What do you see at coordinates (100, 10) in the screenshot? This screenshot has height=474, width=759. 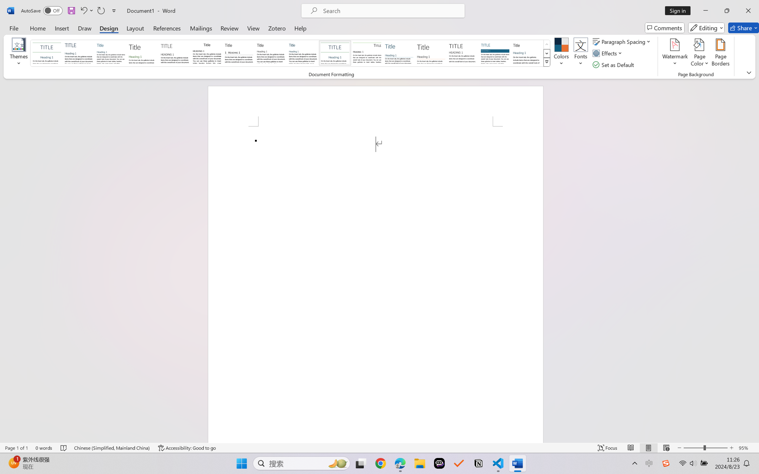 I see `'Repeat Style'` at bounding box center [100, 10].